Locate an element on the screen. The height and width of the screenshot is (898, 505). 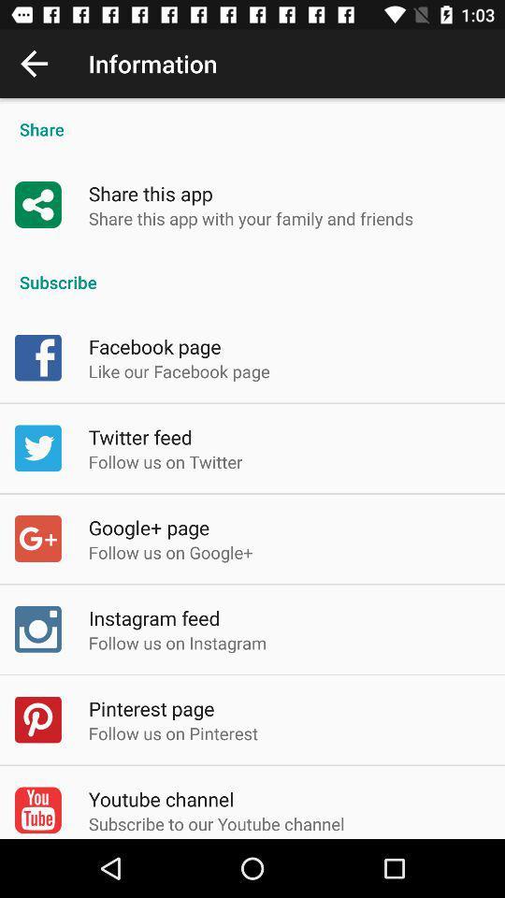
the item next to the information item is located at coordinates (34, 64).